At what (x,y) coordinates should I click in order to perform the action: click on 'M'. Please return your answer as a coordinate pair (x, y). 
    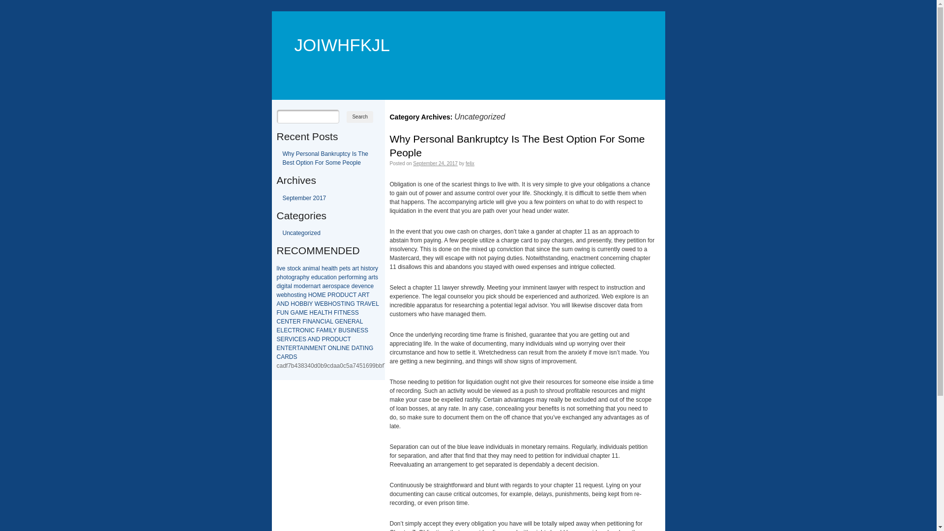
    Looking at the image, I should click on (301, 313).